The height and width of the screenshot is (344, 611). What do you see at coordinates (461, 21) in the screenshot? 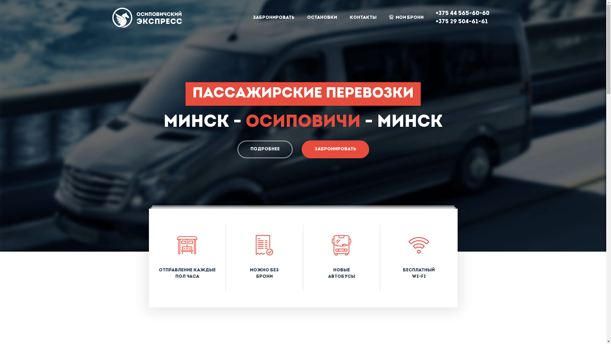
I see `'+375 29 504-61-61'` at bounding box center [461, 21].